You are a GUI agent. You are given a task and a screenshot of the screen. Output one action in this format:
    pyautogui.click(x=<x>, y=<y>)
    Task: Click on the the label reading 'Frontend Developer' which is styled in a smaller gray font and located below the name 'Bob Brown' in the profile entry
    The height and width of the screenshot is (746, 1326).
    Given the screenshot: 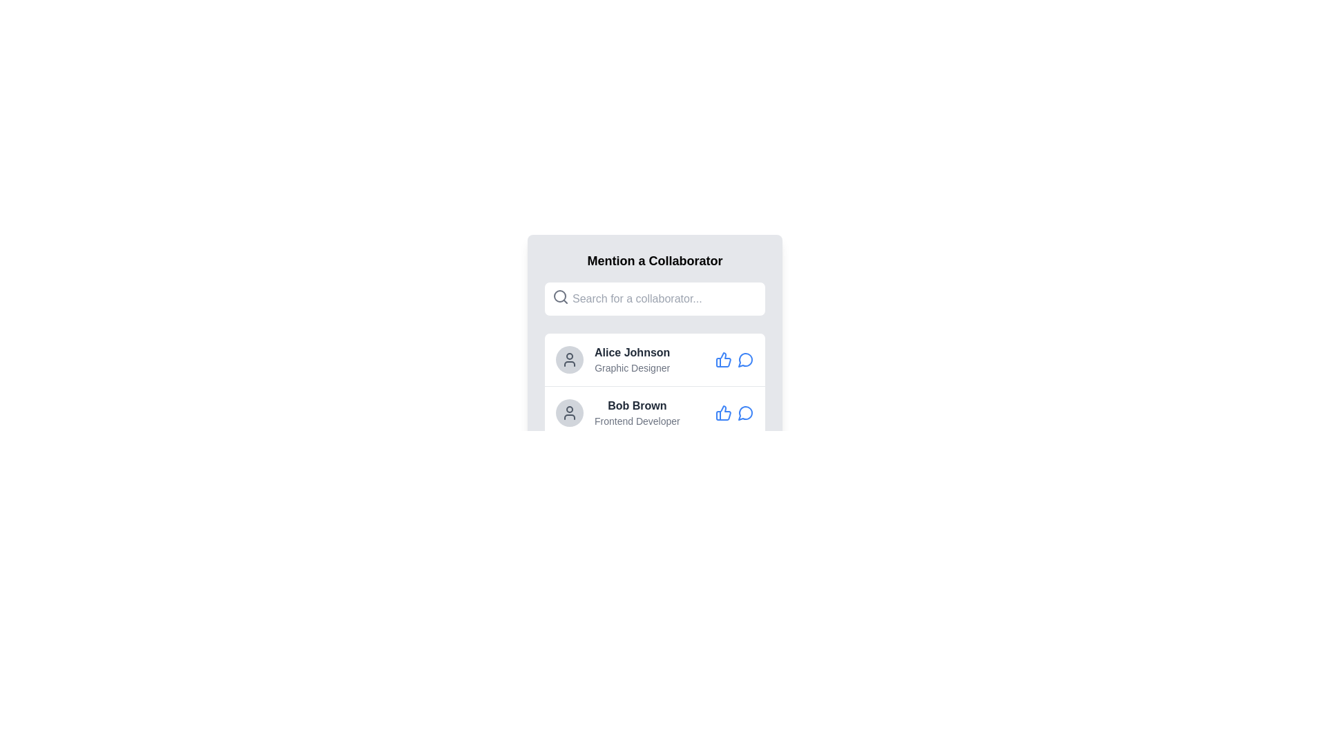 What is the action you would take?
    pyautogui.click(x=636, y=420)
    